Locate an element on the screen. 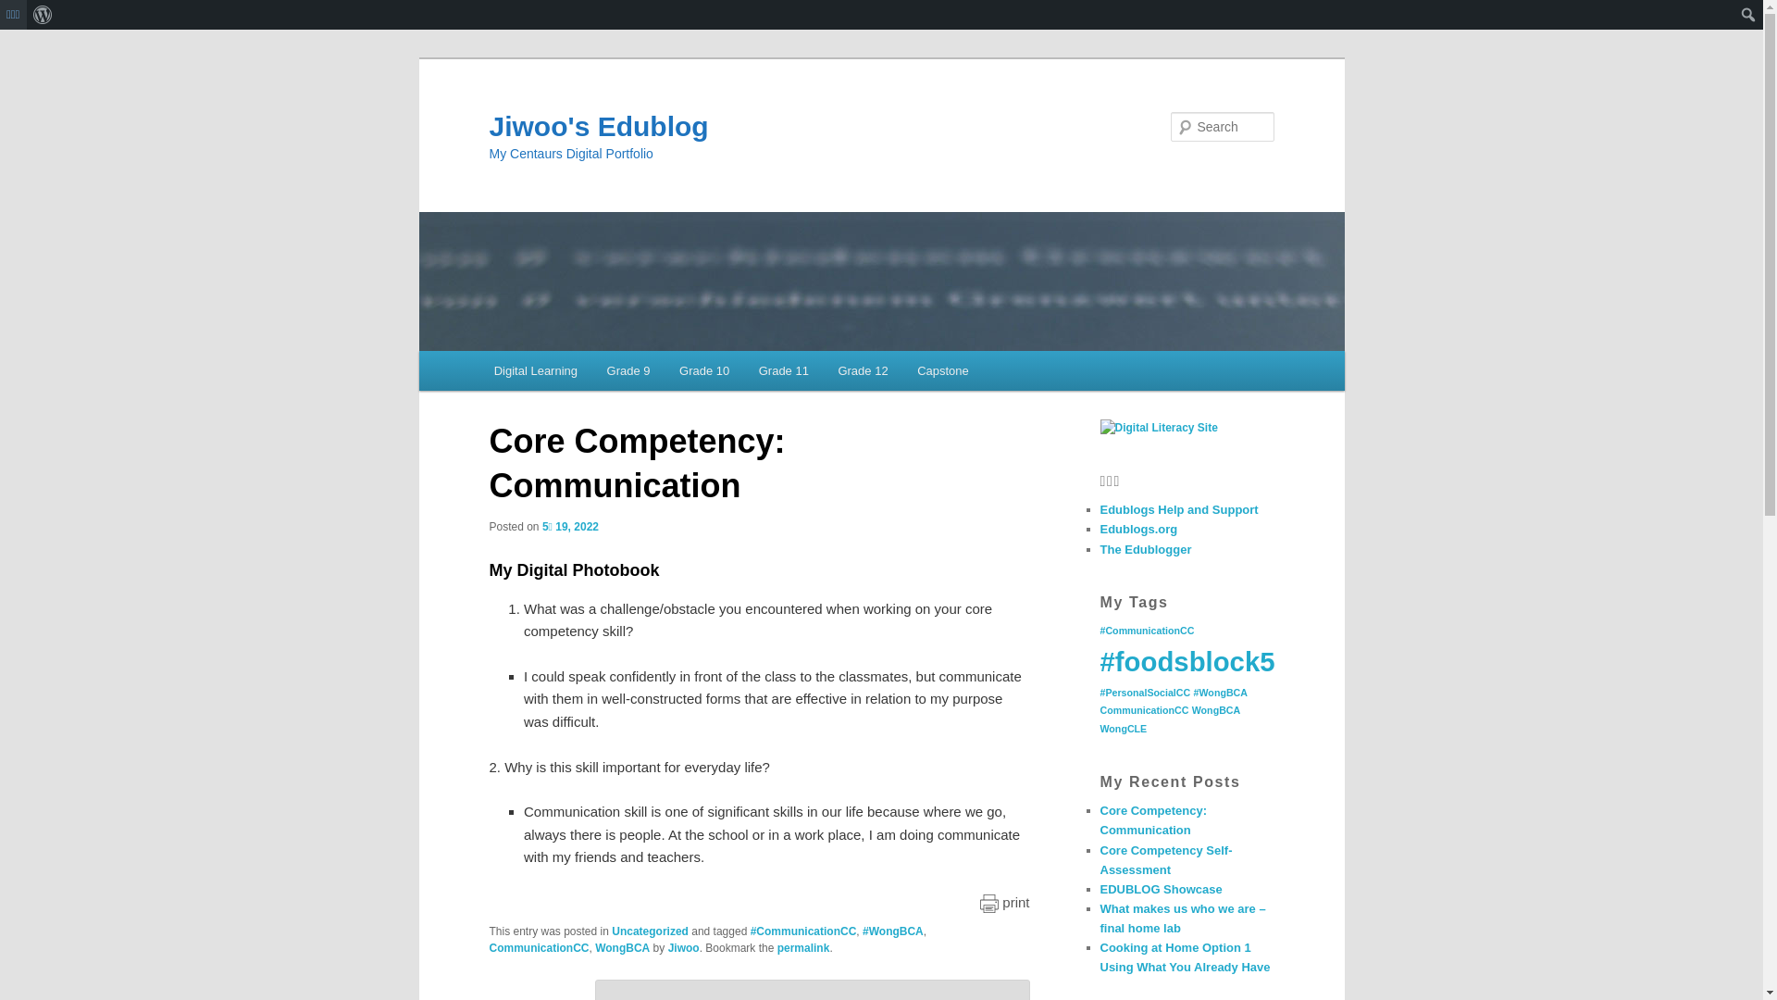 The width and height of the screenshot is (1777, 1000). 'Edublogs Help and Support' is located at coordinates (1177, 509).